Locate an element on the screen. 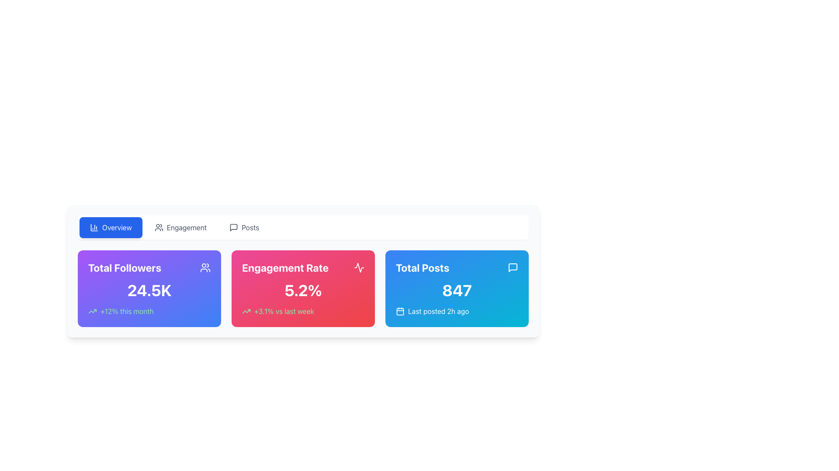 The image size is (839, 471). the static text indicator '+12% this month' with an upward-trending arrow icon, styled in green, located at the bottom-left corner of the 'Total Followers' panel is located at coordinates (149, 311).